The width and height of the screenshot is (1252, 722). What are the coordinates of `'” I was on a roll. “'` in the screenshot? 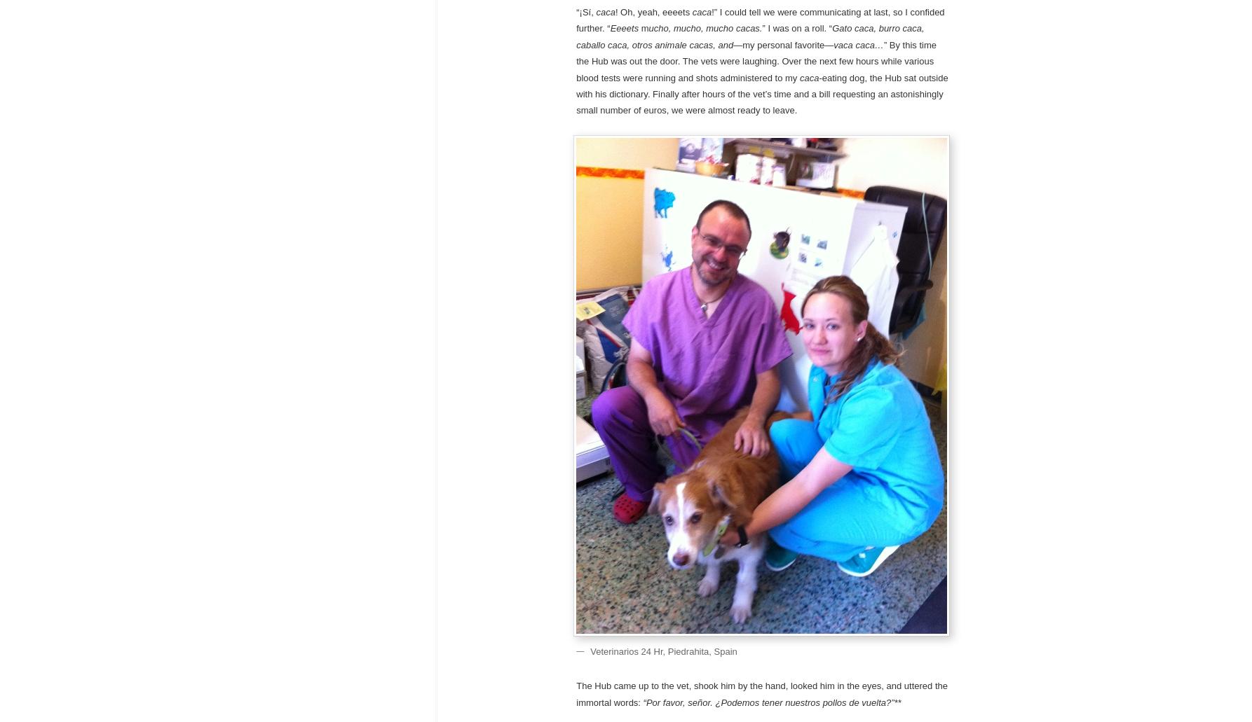 It's located at (761, 28).